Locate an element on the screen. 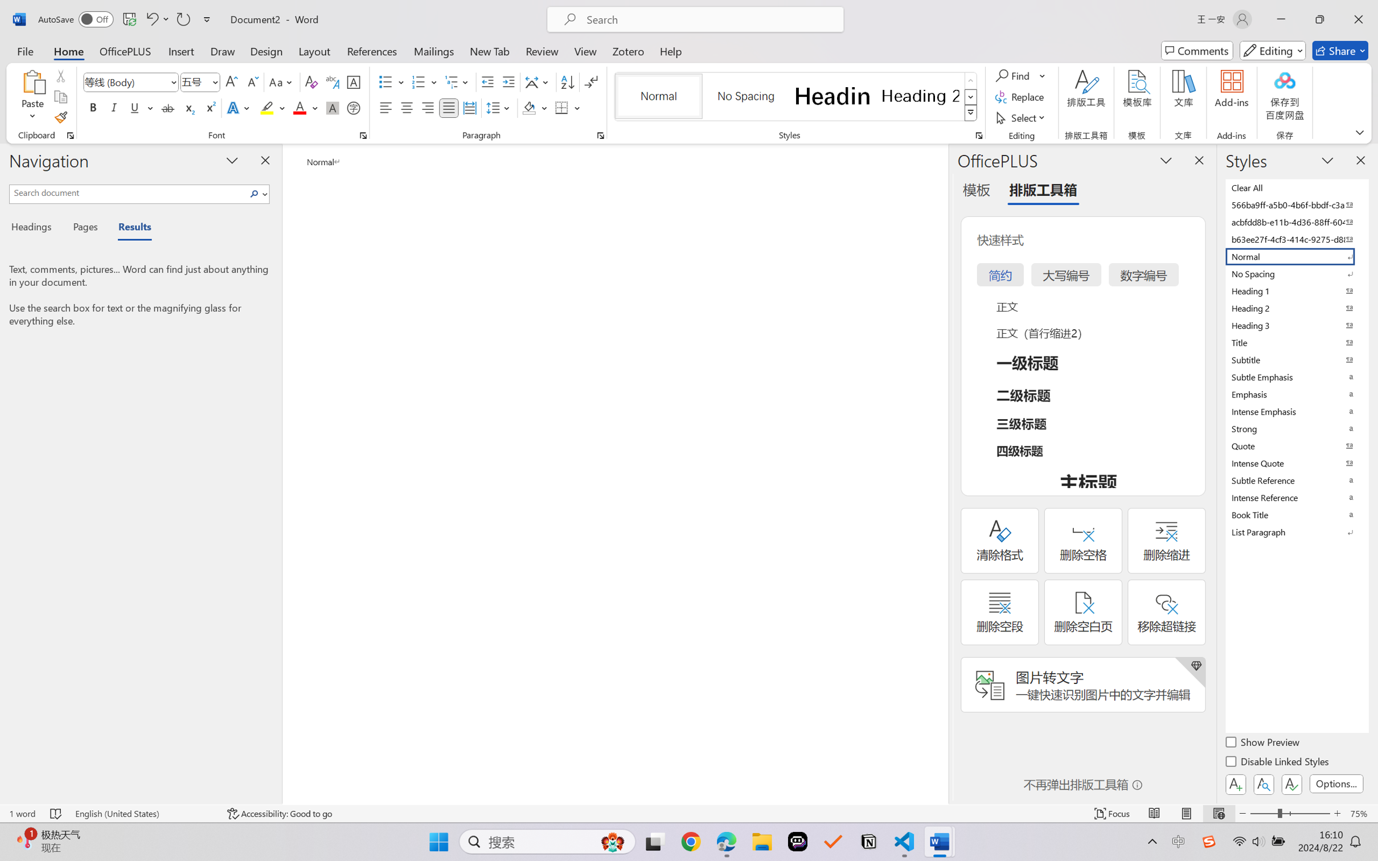 This screenshot has width=1378, height=861. 'Justify' is located at coordinates (448, 107).